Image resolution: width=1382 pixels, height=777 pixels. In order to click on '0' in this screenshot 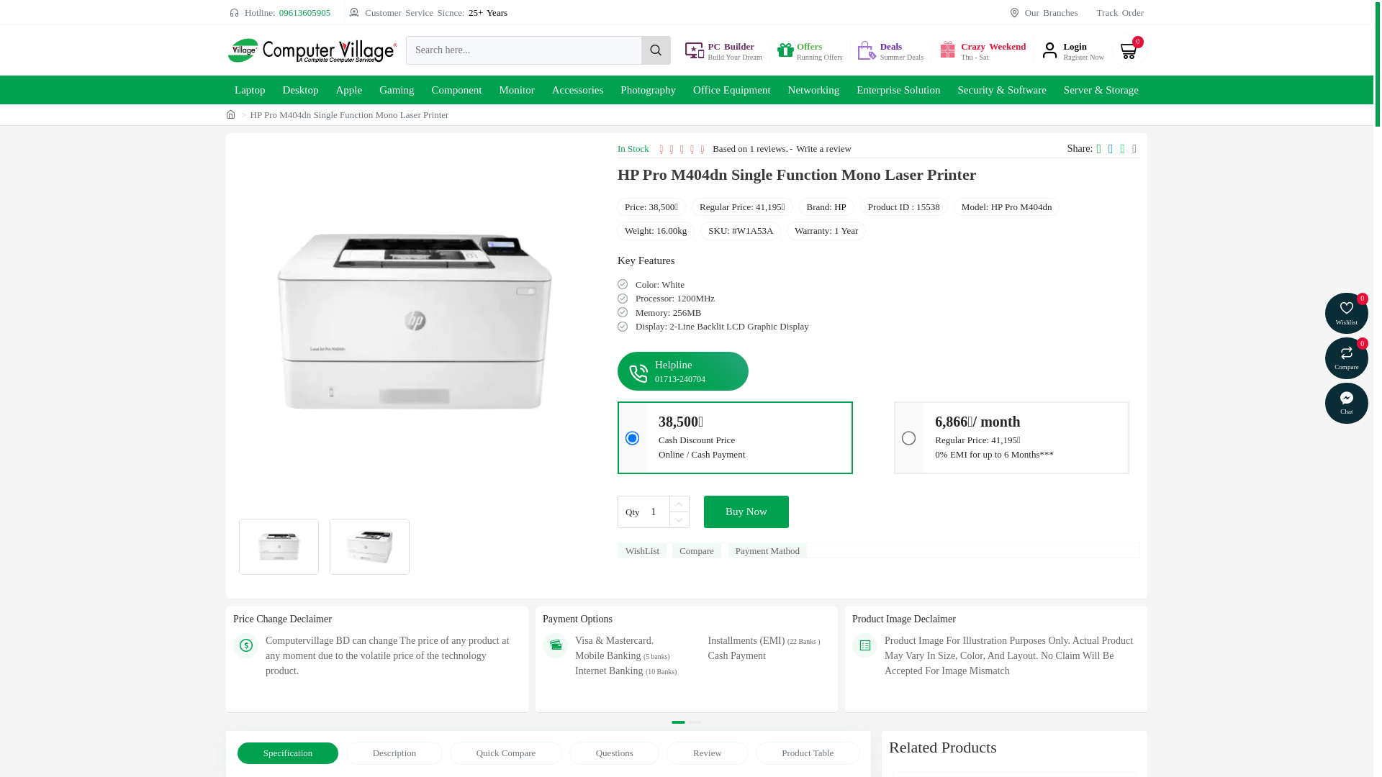, I will do `click(1129, 49)`.